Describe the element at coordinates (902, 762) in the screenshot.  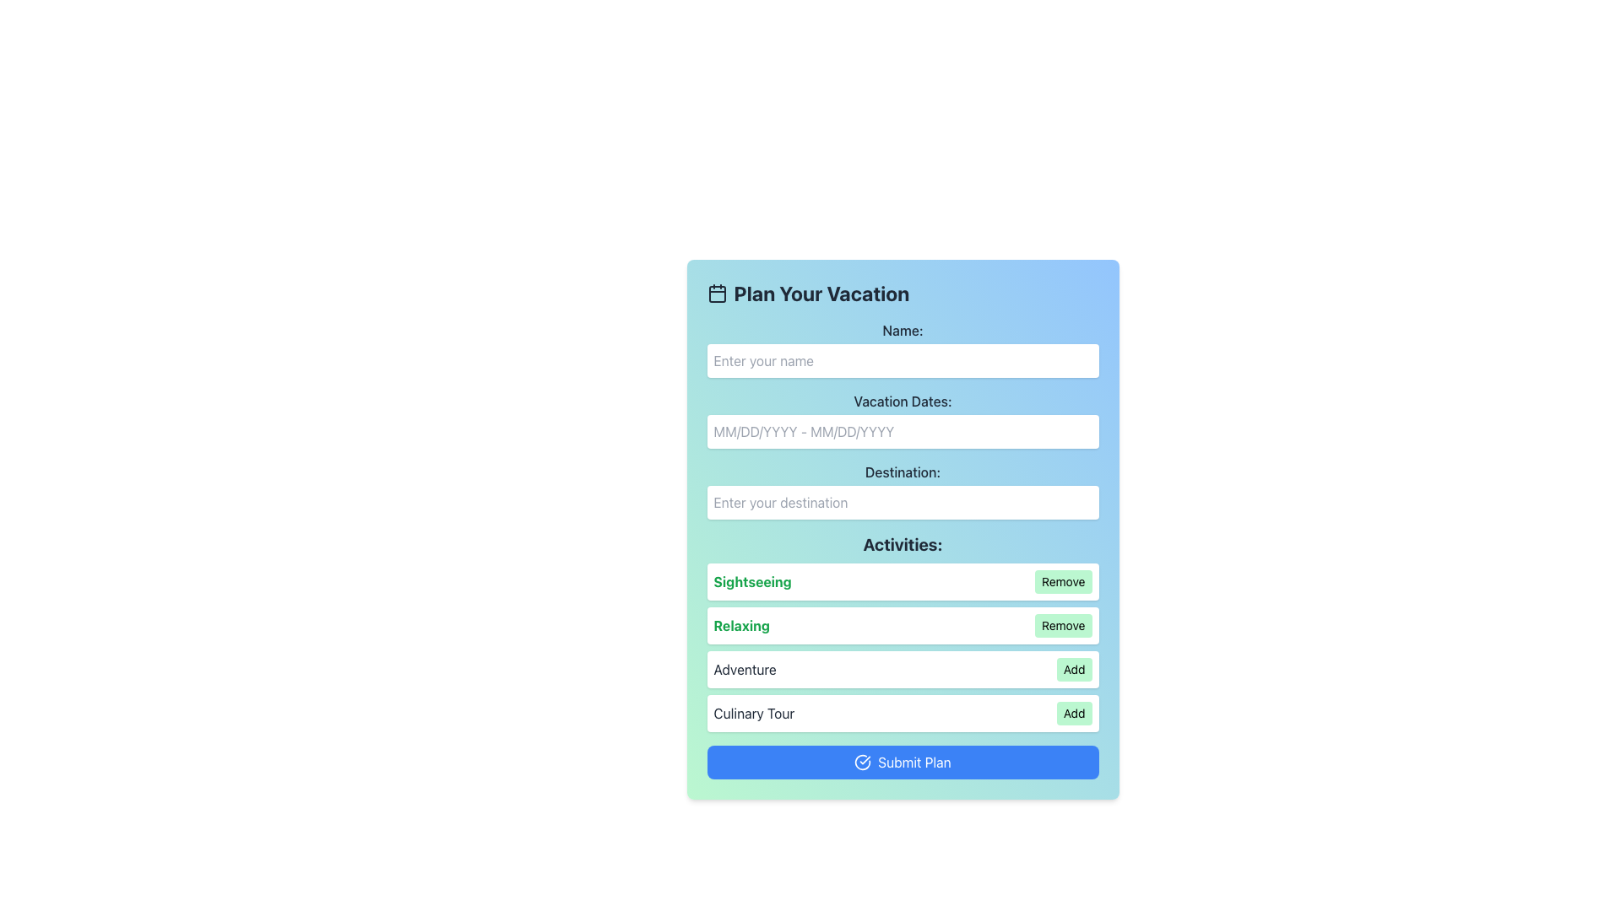
I see `the submit button located at the bottom of the form` at that location.